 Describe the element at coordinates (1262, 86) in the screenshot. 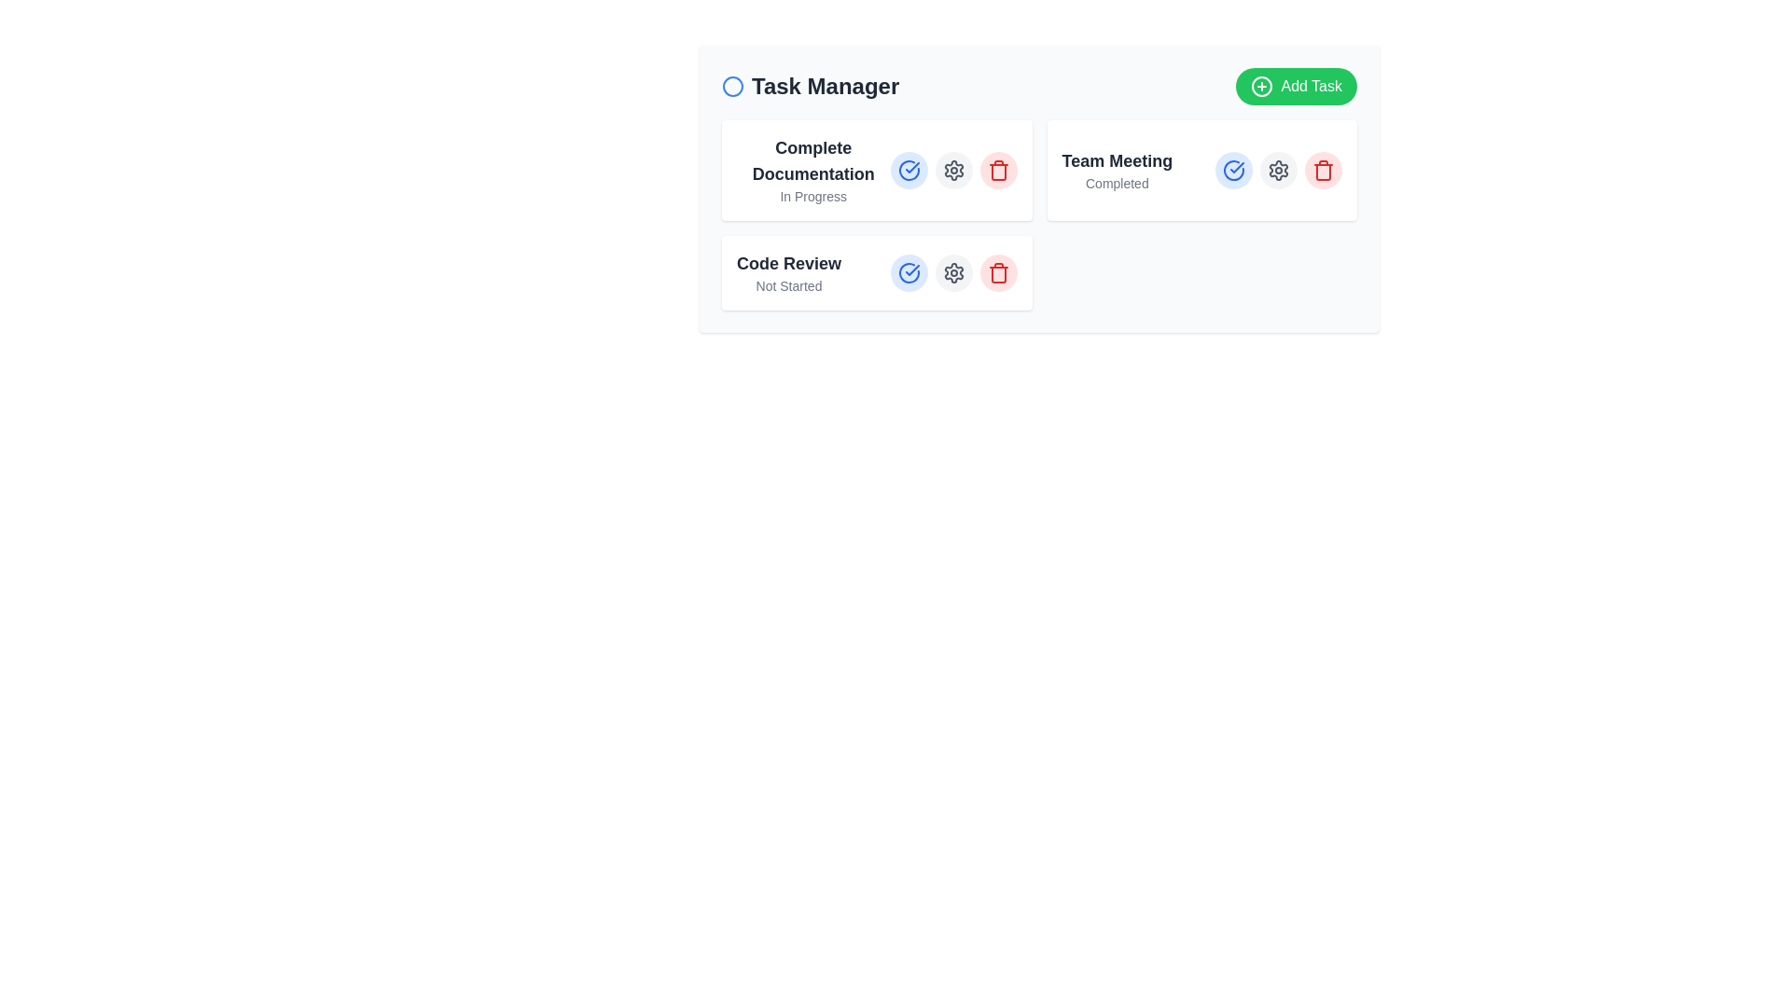

I see `the 'Add Task' button, which is represented by a '+' symbol within a circle located in the upper-right region of the interface` at that location.